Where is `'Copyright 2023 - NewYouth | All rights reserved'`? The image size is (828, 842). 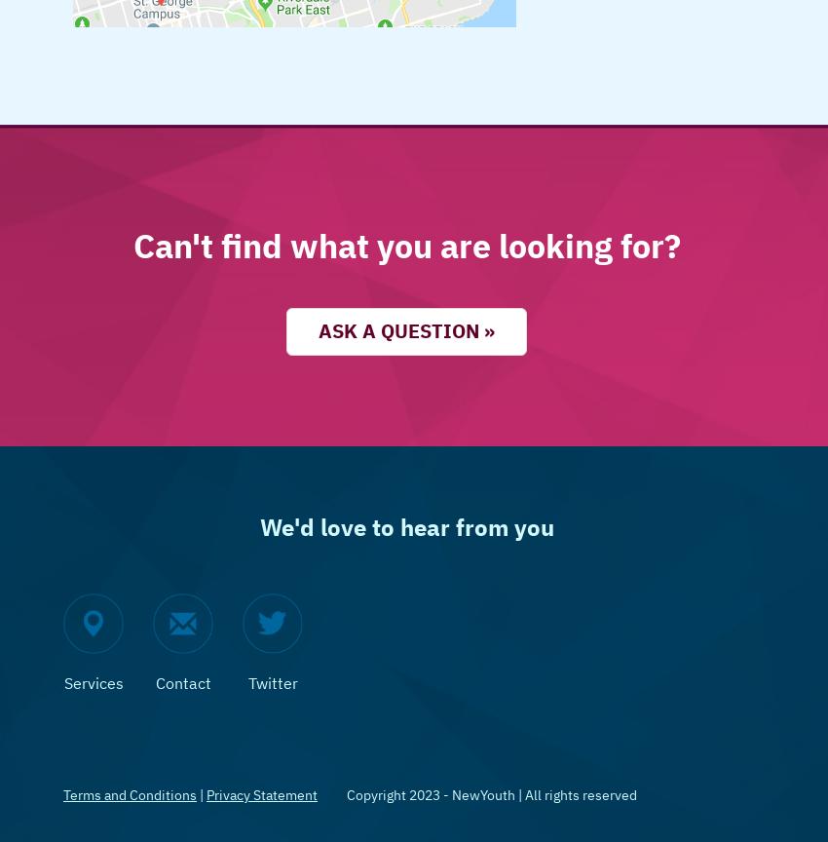 'Copyright 2023 - NewYouth | All rights reserved' is located at coordinates (491, 793).